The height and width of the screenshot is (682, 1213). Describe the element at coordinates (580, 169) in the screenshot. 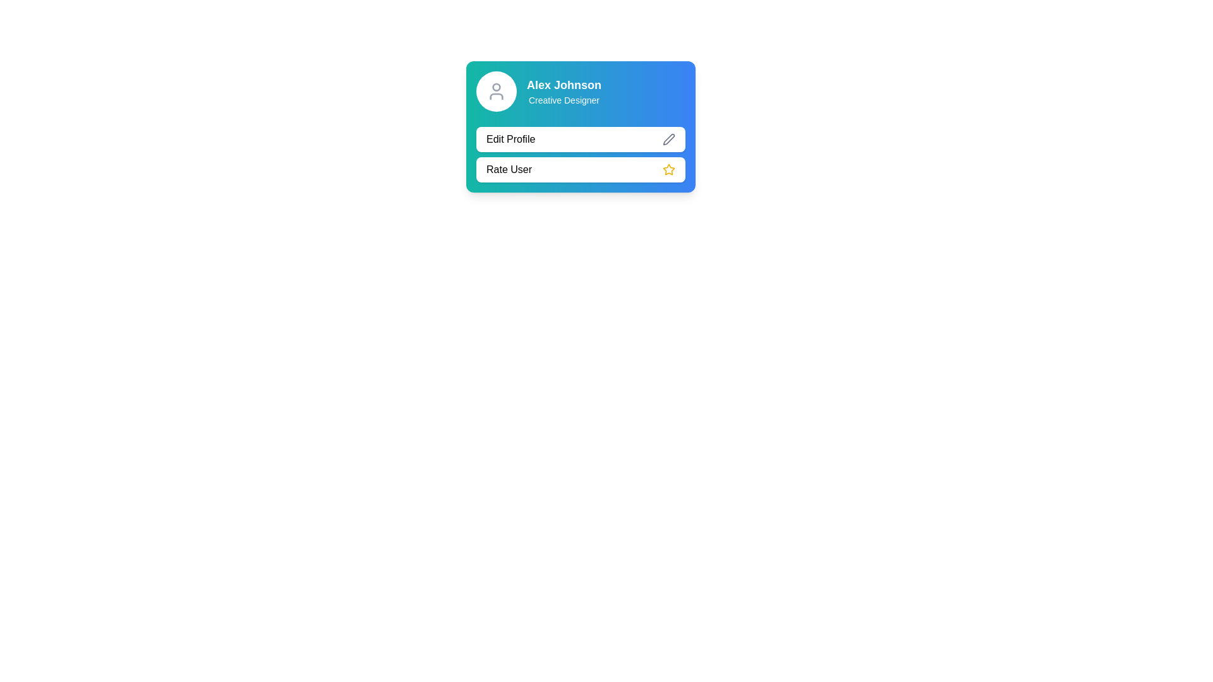

I see `the user rating button located at the bottom of the button list, directly below the 'Edit Profile' button, to initiate the user rating process` at that location.